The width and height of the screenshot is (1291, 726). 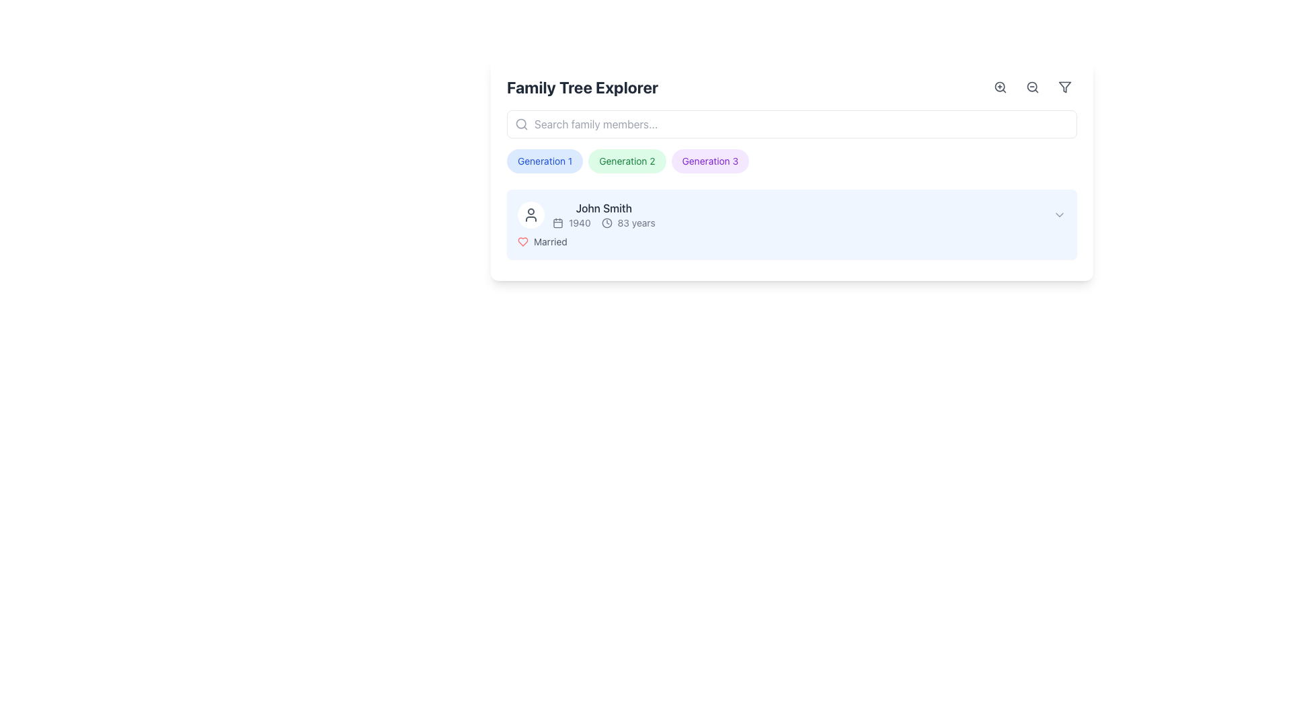 I want to click on the user icon representing 'John Smith', which is located to the left of the text 'John Smith', '1940', and '83 years', so click(x=531, y=214).